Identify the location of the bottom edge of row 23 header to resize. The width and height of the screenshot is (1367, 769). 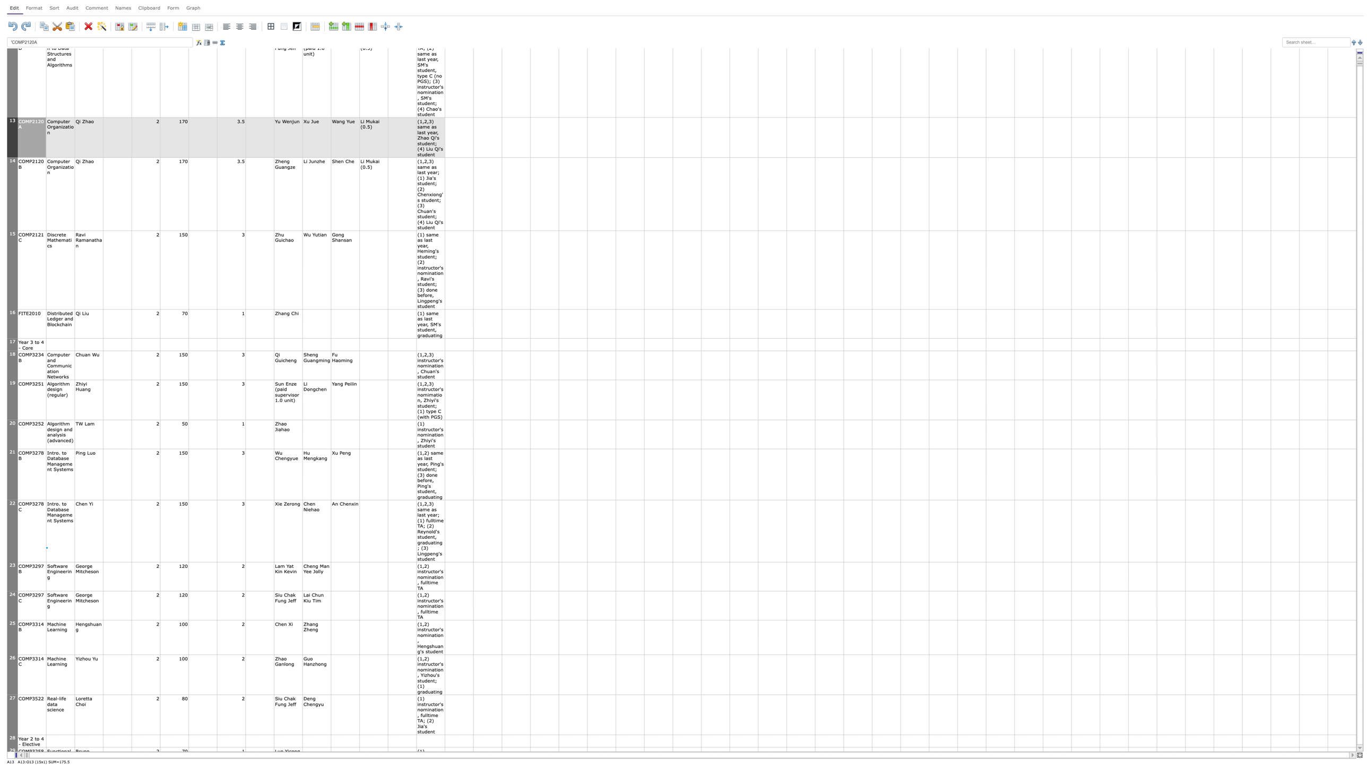
(12, 591).